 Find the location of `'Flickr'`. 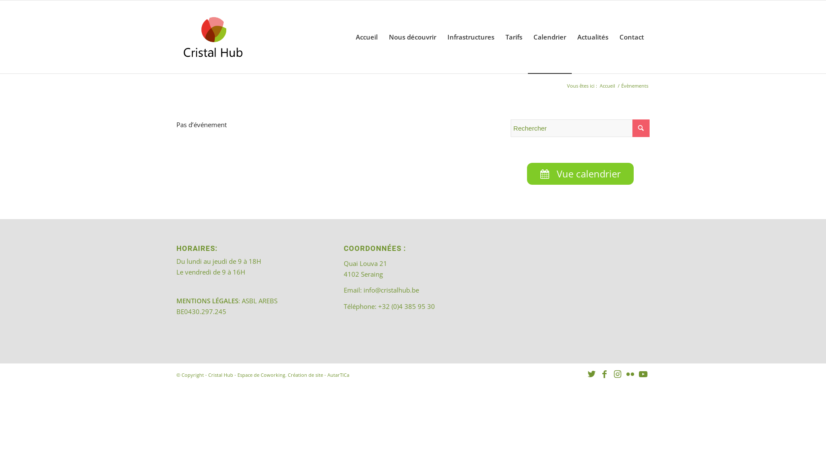

'Flickr' is located at coordinates (630, 374).